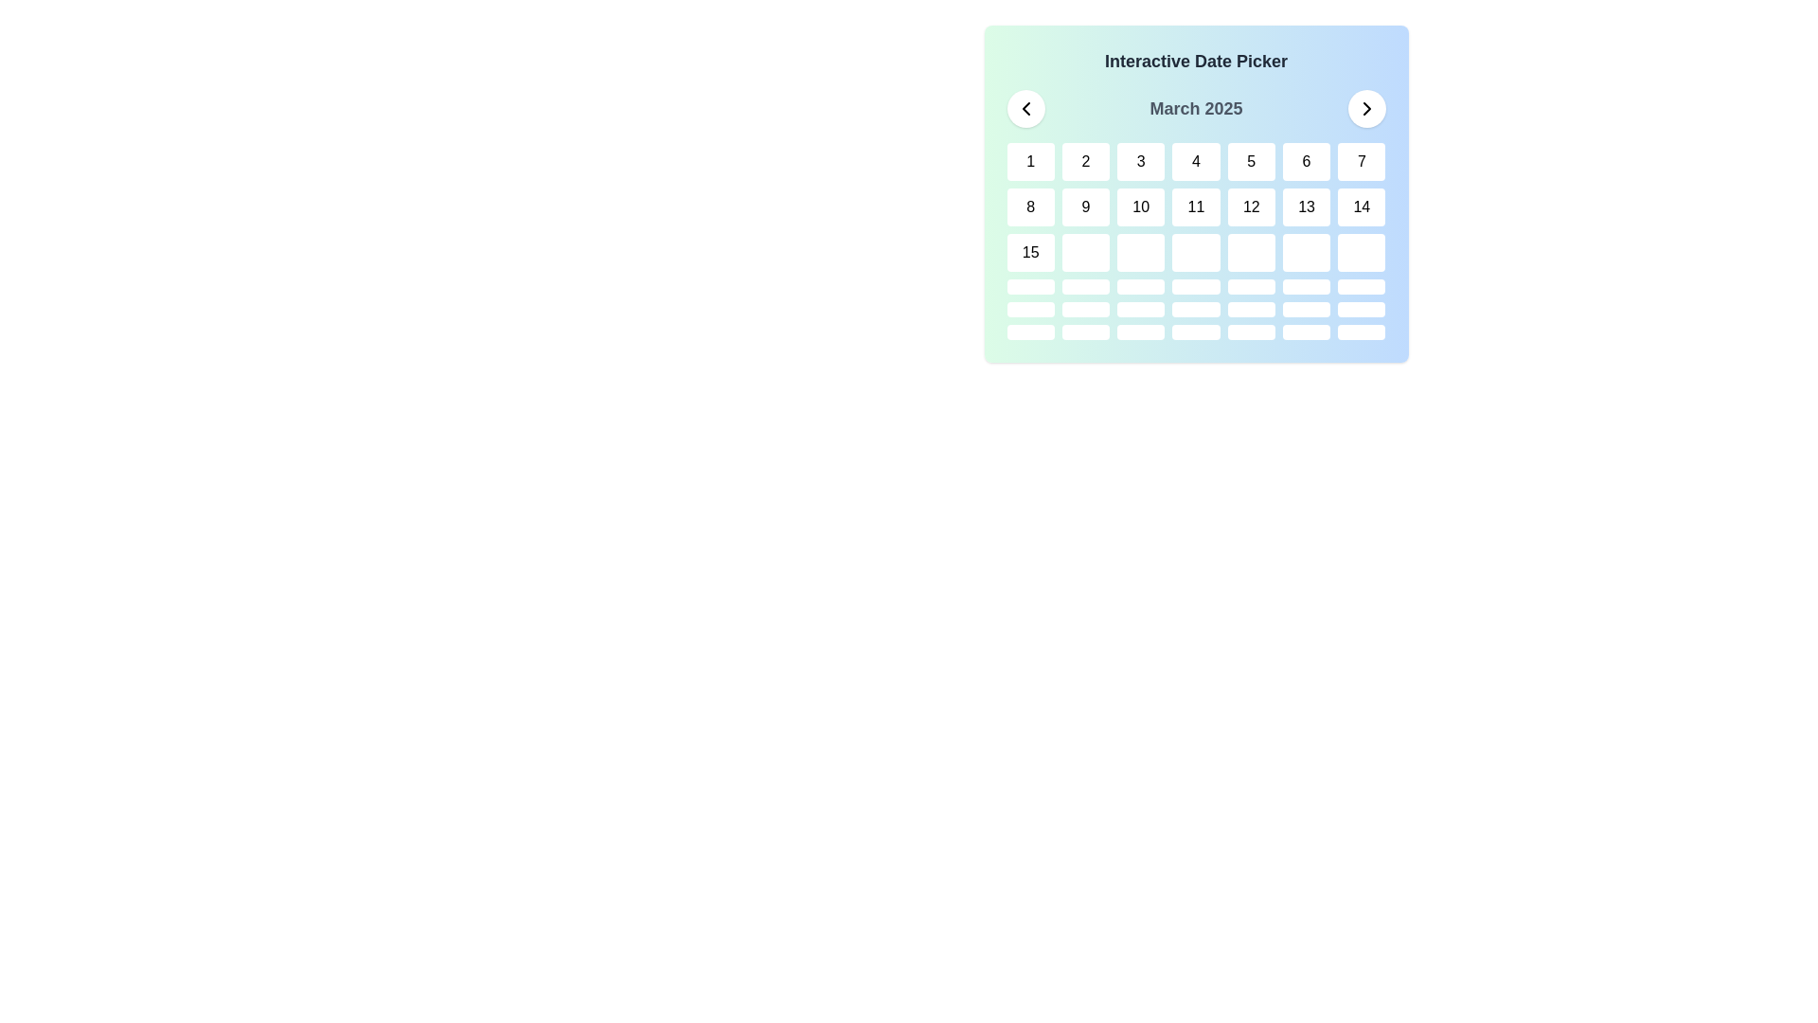  I want to click on the rectangular button with a white background in the interactive date picker interface, located in the last row and fifth column of the grid layout, so click(1251, 309).